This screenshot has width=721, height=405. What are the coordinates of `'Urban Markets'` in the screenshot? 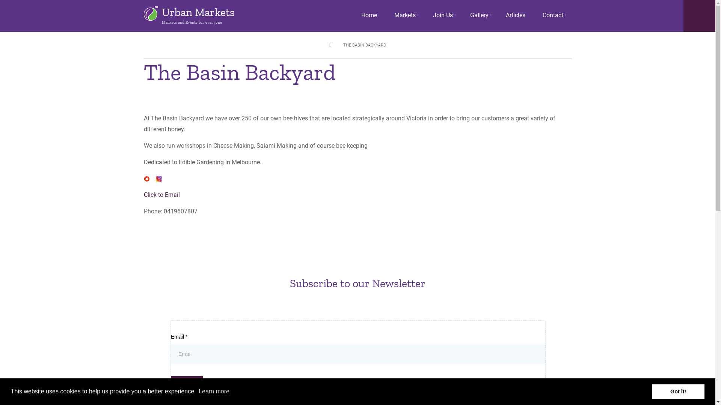 It's located at (161, 12).